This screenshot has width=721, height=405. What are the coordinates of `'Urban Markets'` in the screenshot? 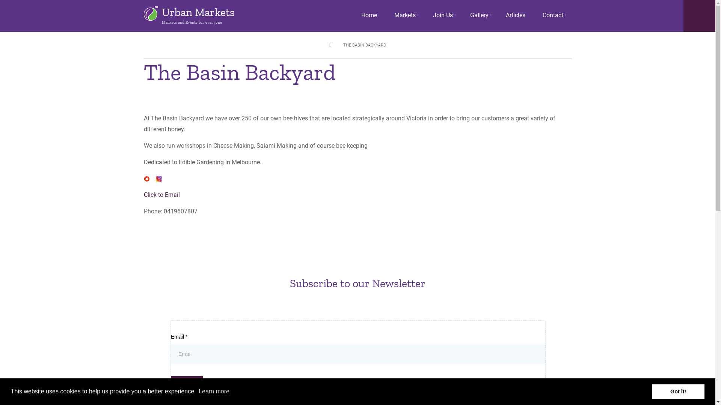 It's located at (161, 12).